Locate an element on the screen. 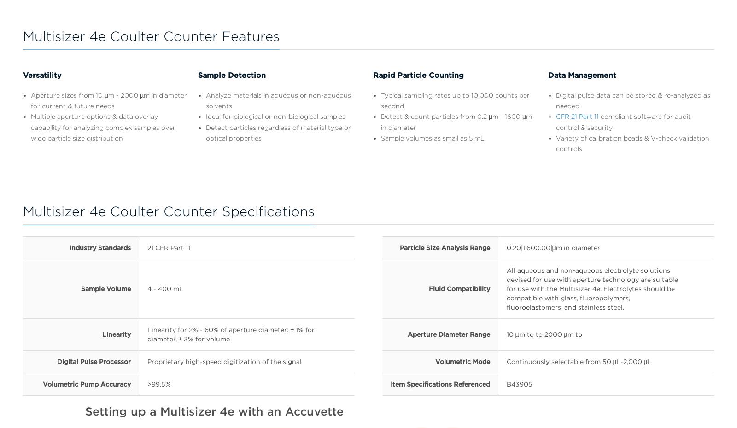 The image size is (737, 428). 'Linearity for 2% - 60% of aperture diameter: ± 1% for diameter, ± 3% for volume' is located at coordinates (230, 334).